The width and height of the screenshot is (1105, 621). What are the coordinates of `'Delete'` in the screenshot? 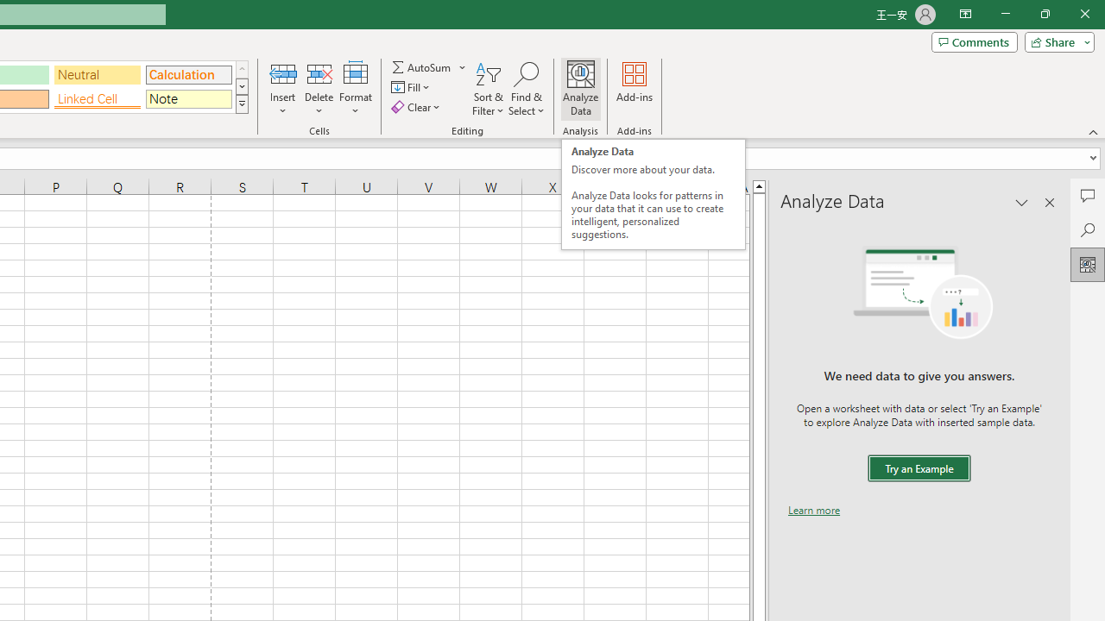 It's located at (319, 89).